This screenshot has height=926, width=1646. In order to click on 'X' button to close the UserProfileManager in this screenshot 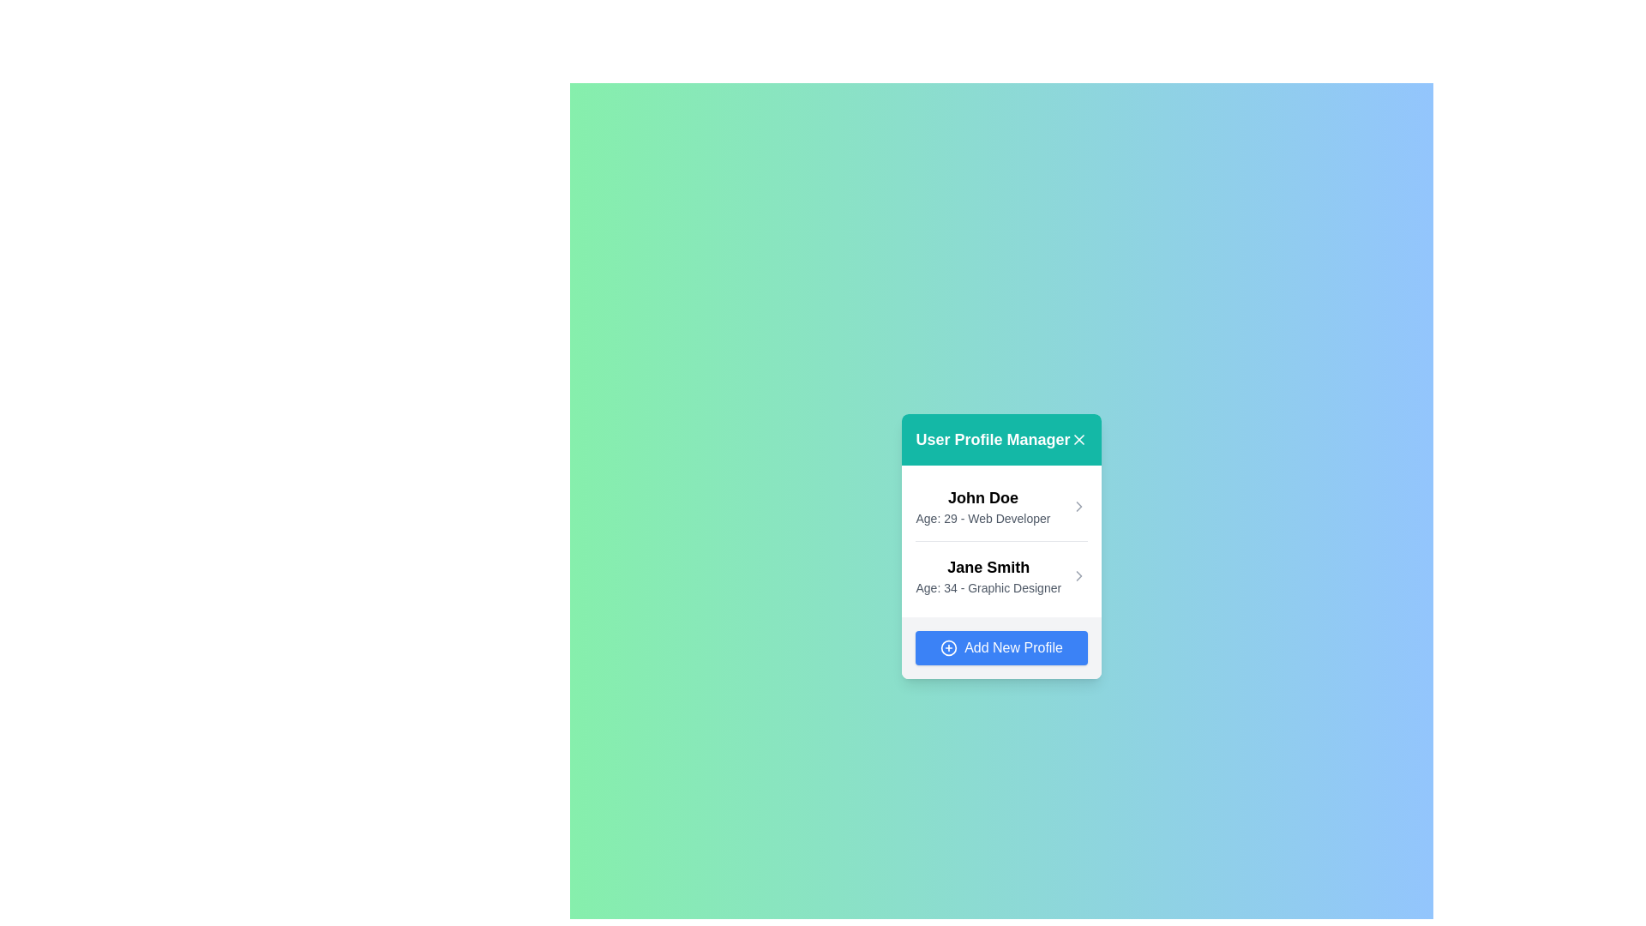, I will do `click(1078, 438)`.